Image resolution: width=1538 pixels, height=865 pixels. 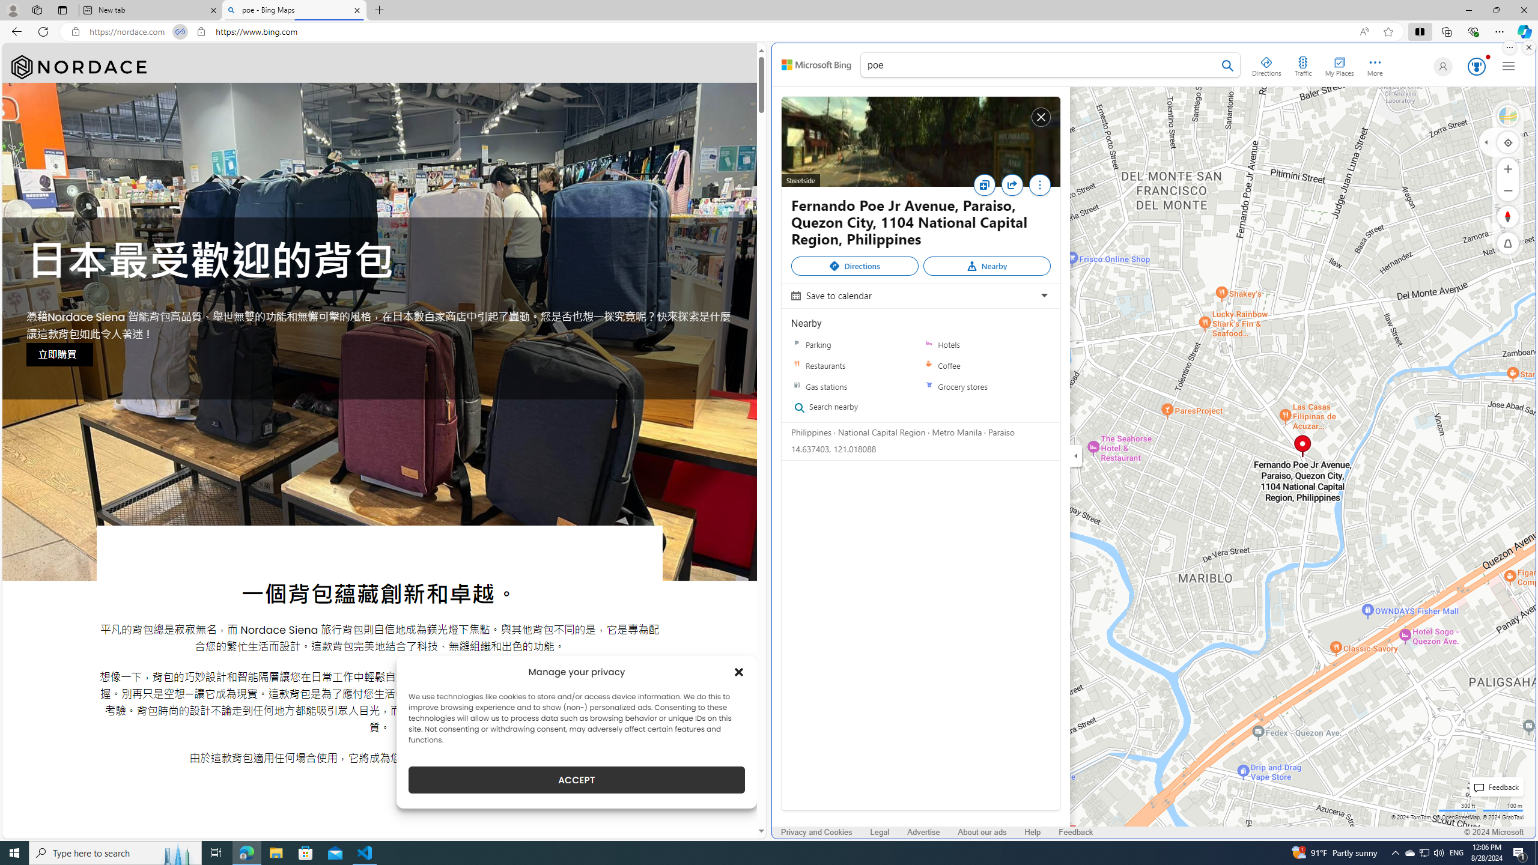 I want to click on 'Gas stations', so click(x=854, y=386).